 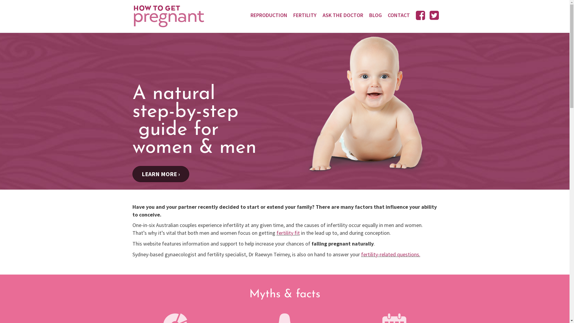 What do you see at coordinates (268, 15) in the screenshot?
I see `'REPRODUCTION'` at bounding box center [268, 15].